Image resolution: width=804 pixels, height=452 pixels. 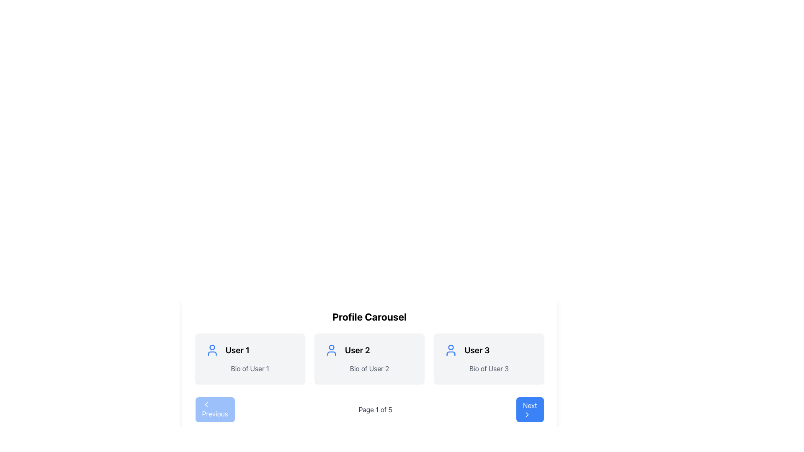 I want to click on the head of the avatar icon in the 'User 2' profile card within the carousel section, so click(x=331, y=347).